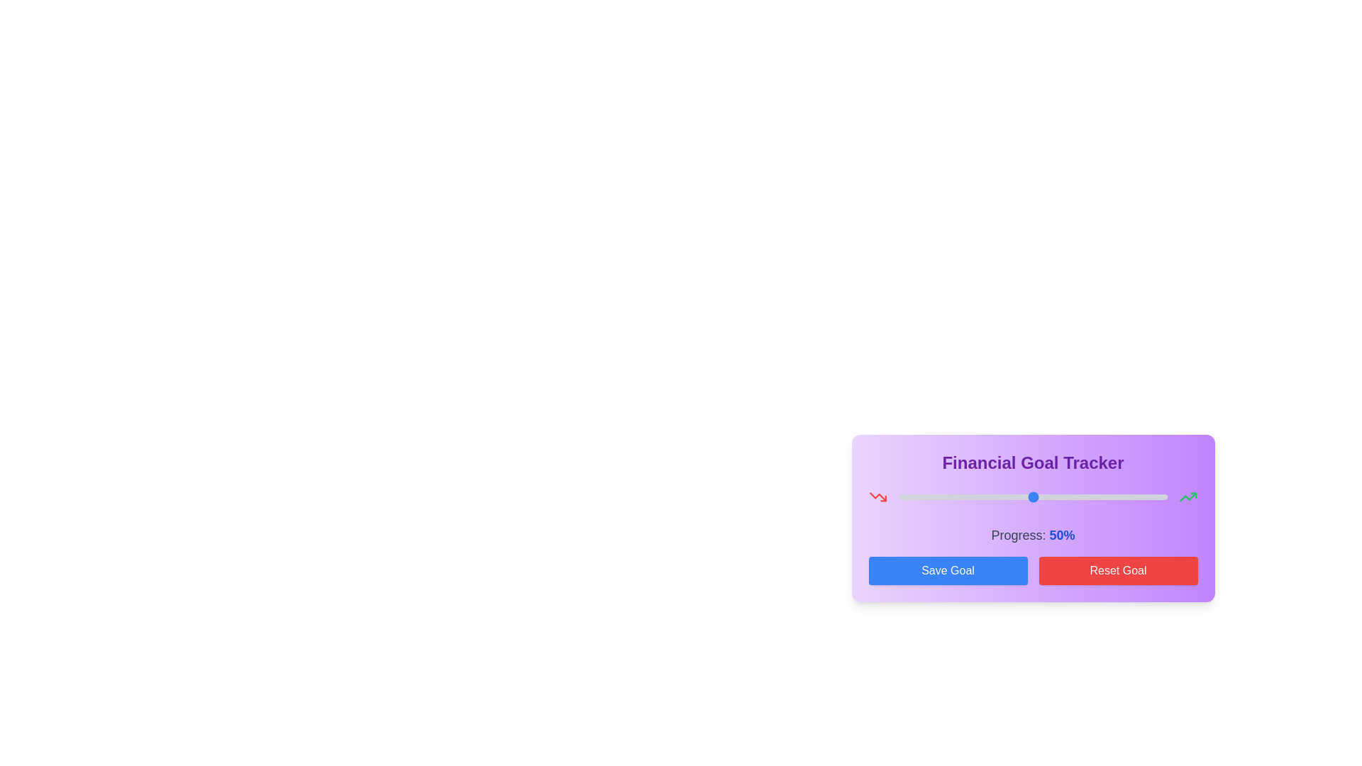  I want to click on the progress slider to 34%, so click(989, 496).